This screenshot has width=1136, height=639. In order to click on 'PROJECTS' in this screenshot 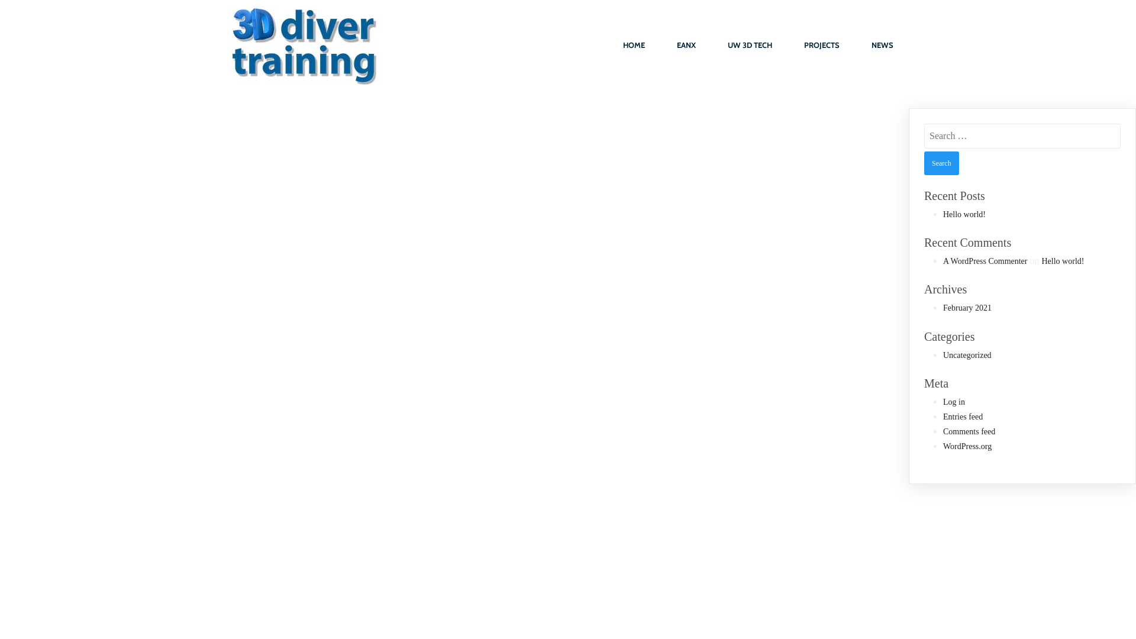, I will do `click(821, 45)`.